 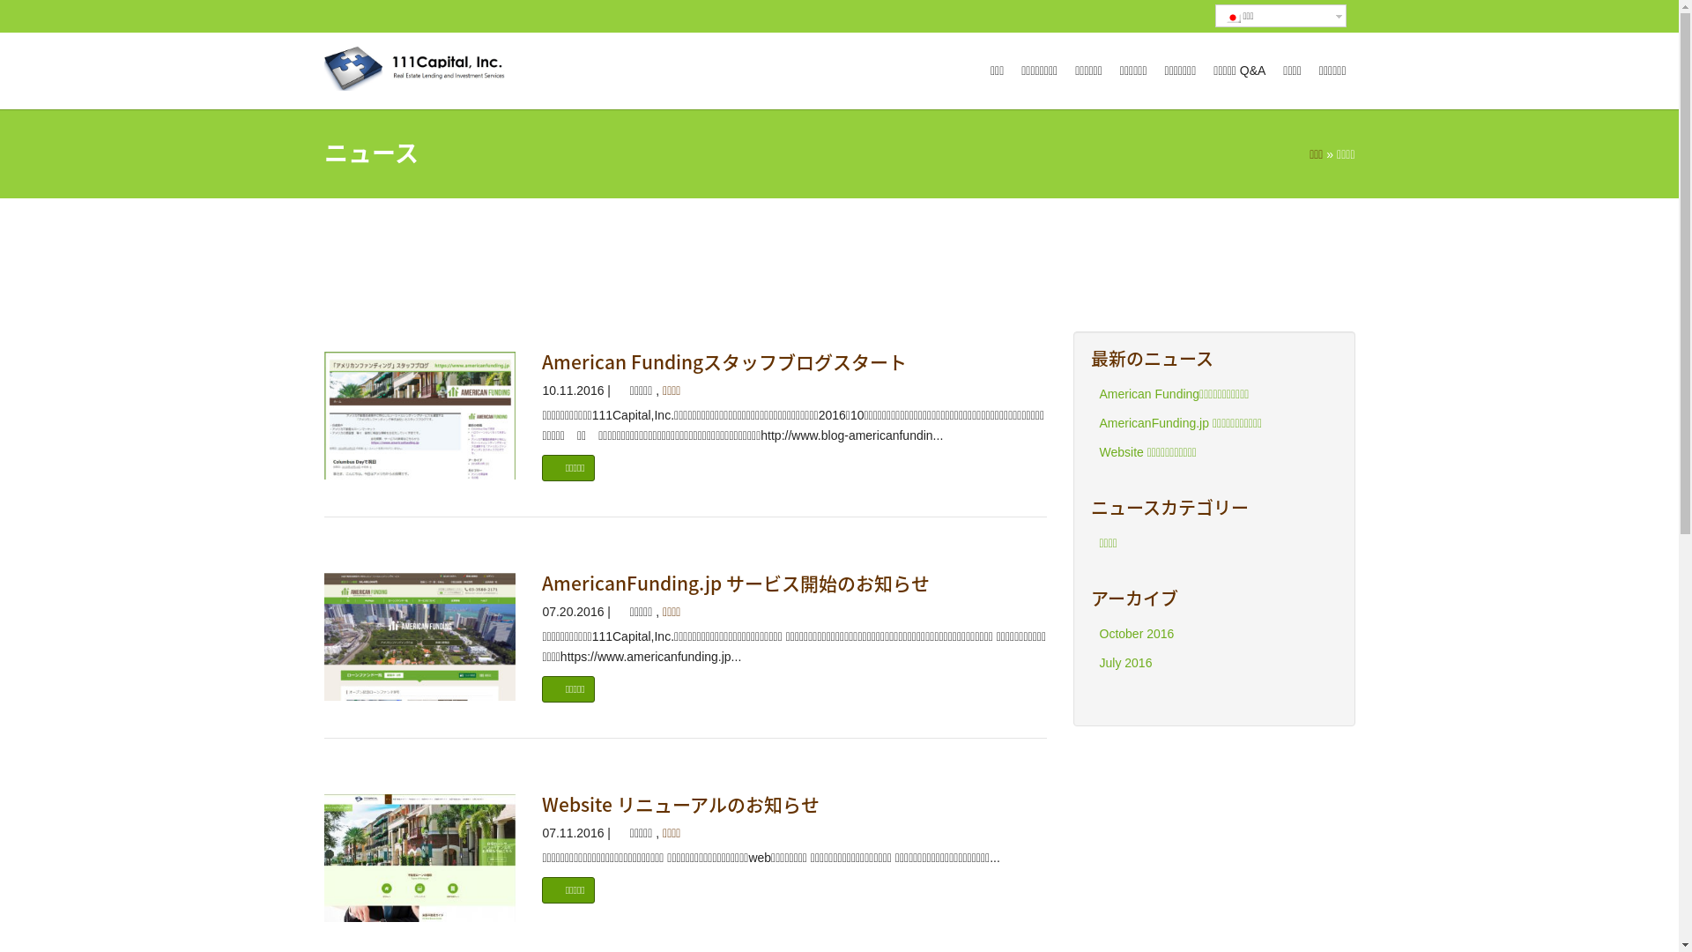 What do you see at coordinates (1137, 632) in the screenshot?
I see `'October 2016'` at bounding box center [1137, 632].